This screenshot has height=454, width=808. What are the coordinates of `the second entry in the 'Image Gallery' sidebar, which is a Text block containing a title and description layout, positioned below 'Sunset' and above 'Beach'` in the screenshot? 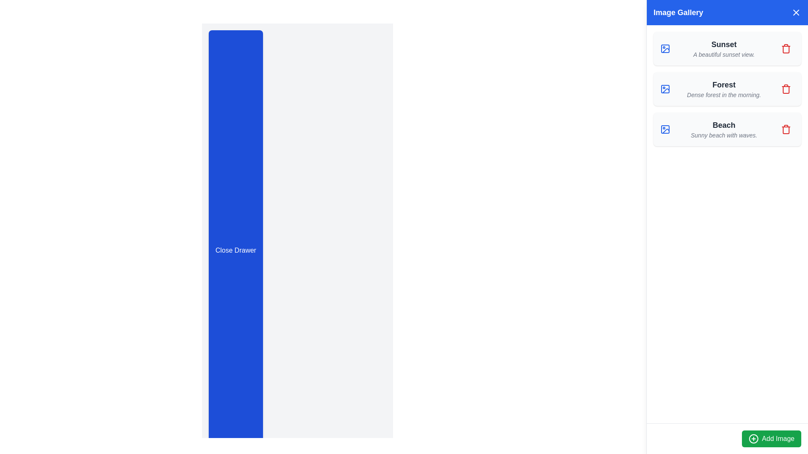 It's located at (723, 89).